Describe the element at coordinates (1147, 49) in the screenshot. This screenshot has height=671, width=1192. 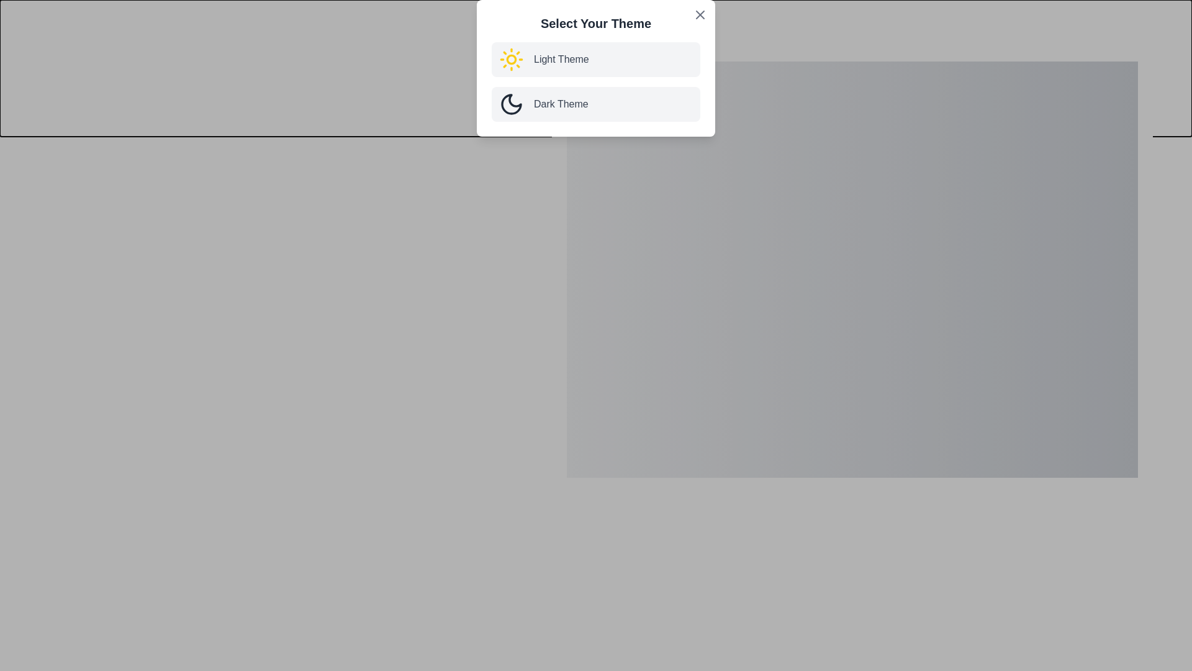
I see `close button in the top-right corner of the dialog to close it` at that location.